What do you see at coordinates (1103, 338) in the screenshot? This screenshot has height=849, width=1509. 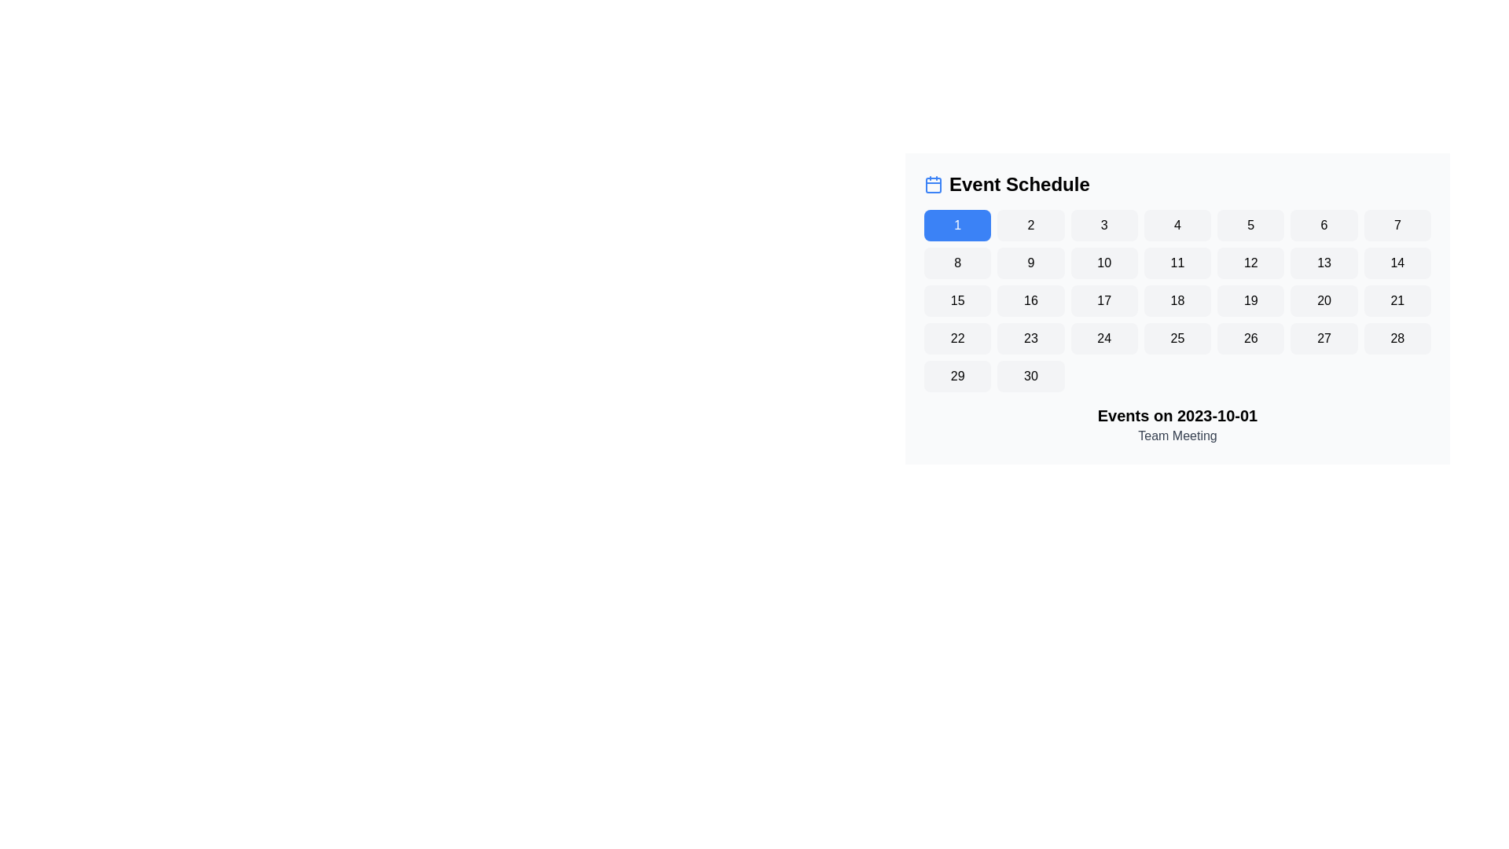 I see `the rectangular button with rounded corners, light gray background, and bold black text '24'` at bounding box center [1103, 338].